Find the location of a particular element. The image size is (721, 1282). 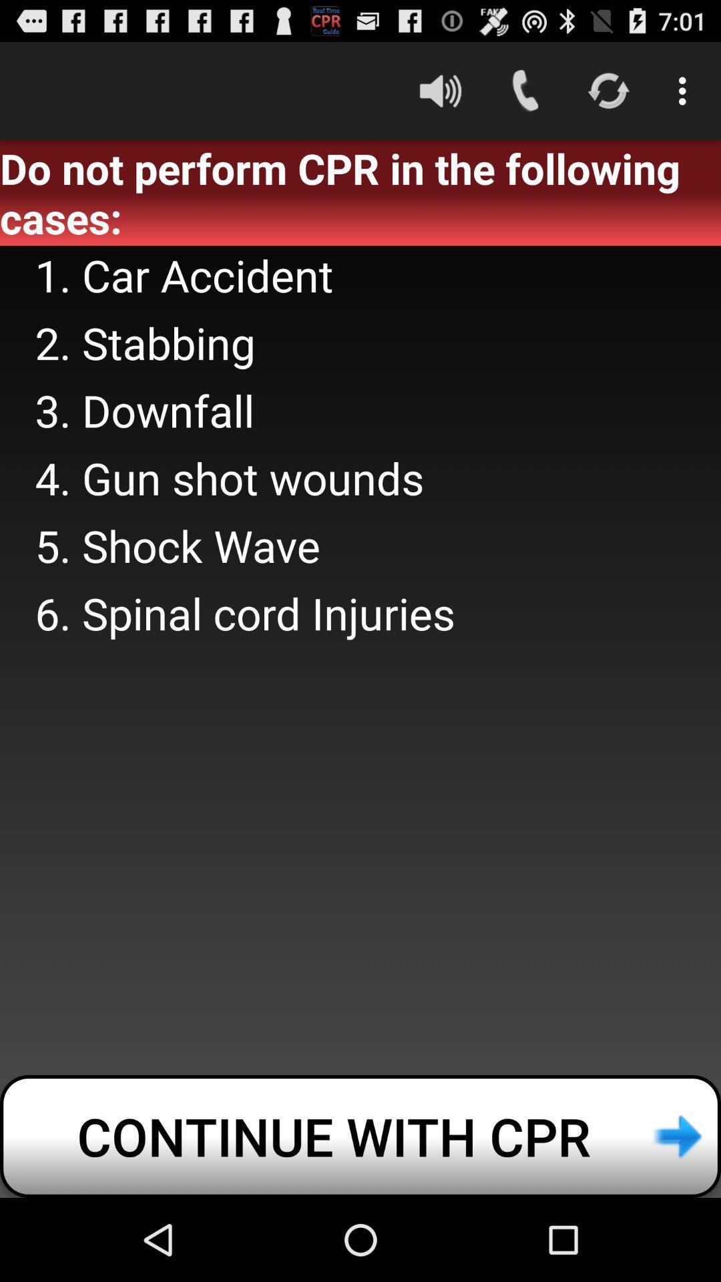

icon above the do not perform is located at coordinates (686, 90).